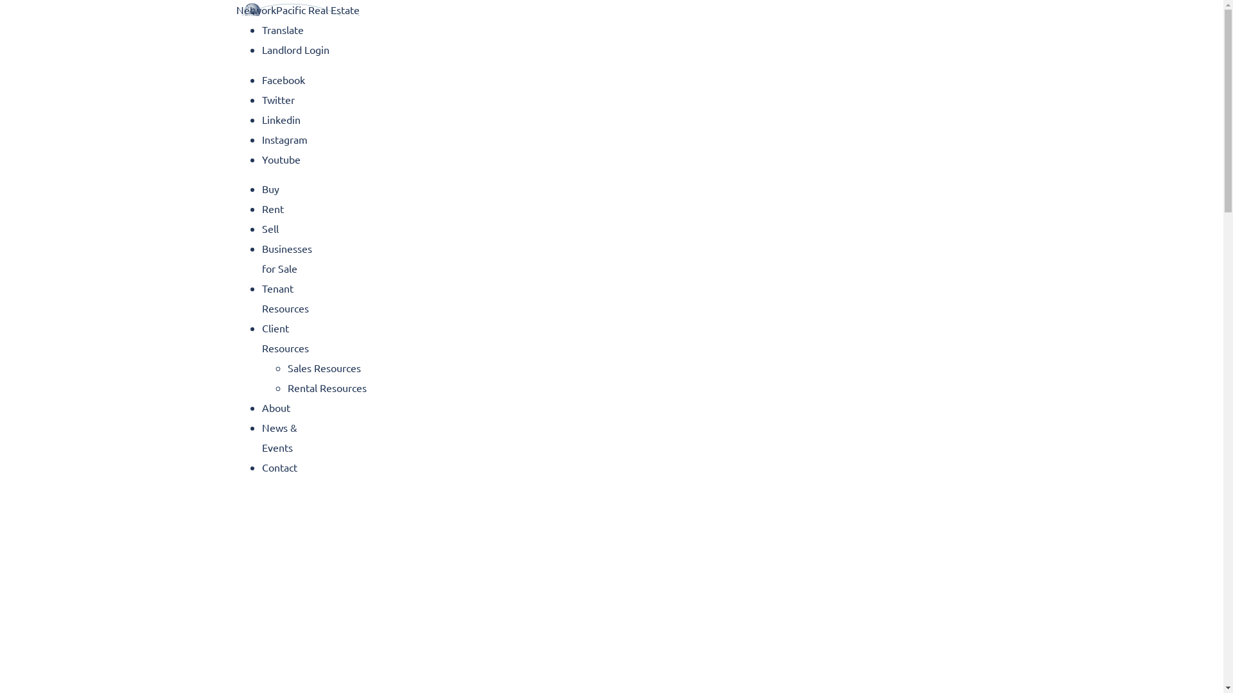 The height and width of the screenshot is (693, 1233). I want to click on 'Rent', so click(261, 207).